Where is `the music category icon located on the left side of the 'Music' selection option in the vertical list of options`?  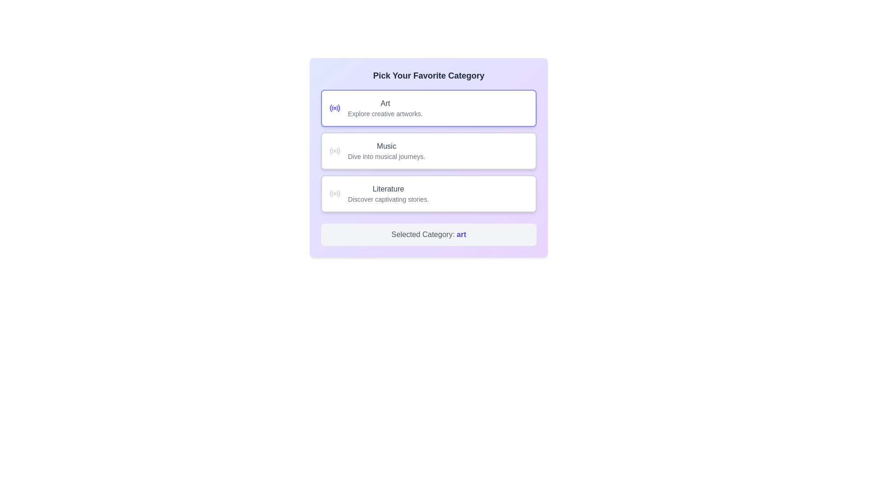 the music category icon located on the left side of the 'Music' selection option in the vertical list of options is located at coordinates (334, 150).